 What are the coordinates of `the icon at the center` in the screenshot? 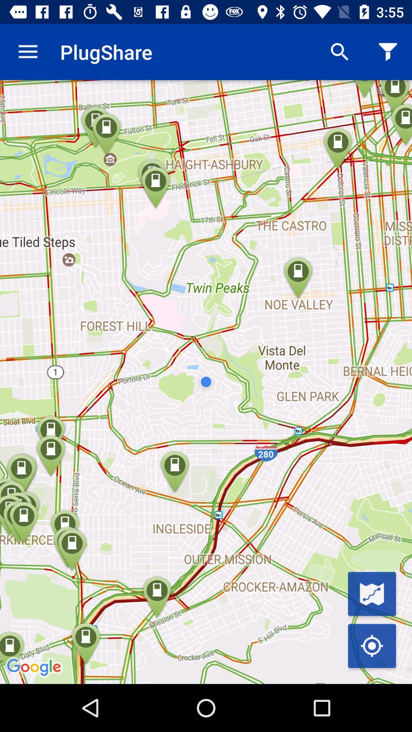 It's located at (206, 382).